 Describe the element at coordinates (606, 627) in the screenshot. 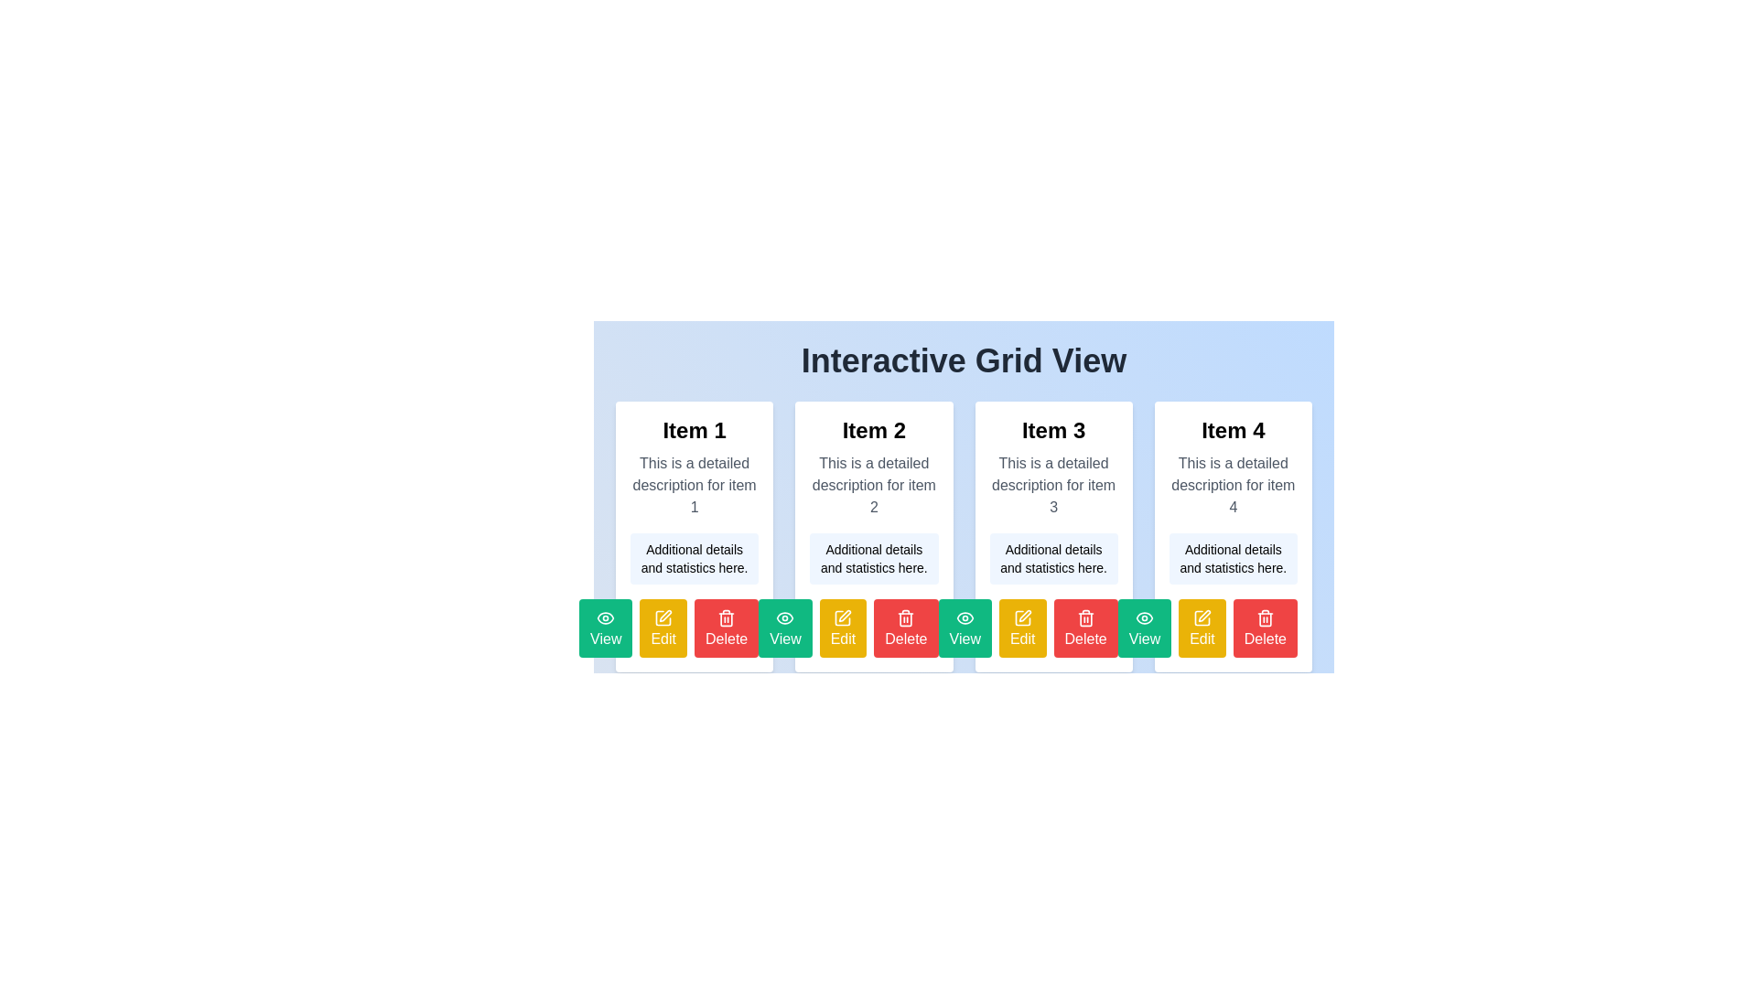

I see `the 'View' button with a green background and white text, which is the first button in the 'View Edit Delete' group under 'Item 1'` at that location.